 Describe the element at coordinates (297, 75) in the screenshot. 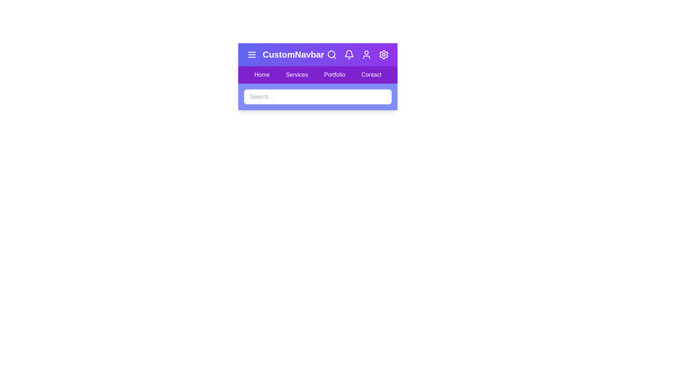

I see `the navigation link Services` at that location.